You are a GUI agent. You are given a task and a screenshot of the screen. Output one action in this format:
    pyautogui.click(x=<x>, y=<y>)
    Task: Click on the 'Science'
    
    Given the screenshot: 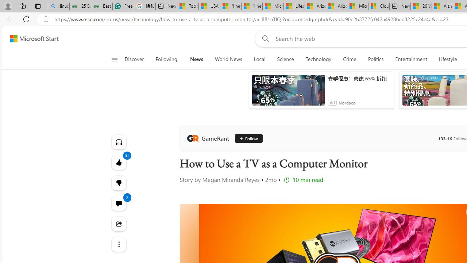 What is the action you would take?
    pyautogui.click(x=285, y=59)
    